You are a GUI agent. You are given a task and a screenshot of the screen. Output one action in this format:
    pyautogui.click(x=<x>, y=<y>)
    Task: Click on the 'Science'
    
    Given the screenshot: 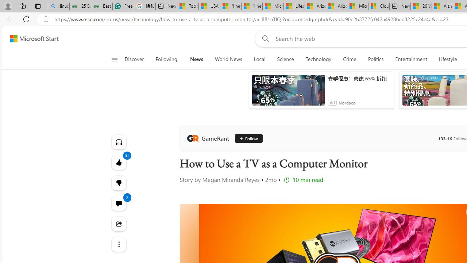 What is the action you would take?
    pyautogui.click(x=285, y=59)
    